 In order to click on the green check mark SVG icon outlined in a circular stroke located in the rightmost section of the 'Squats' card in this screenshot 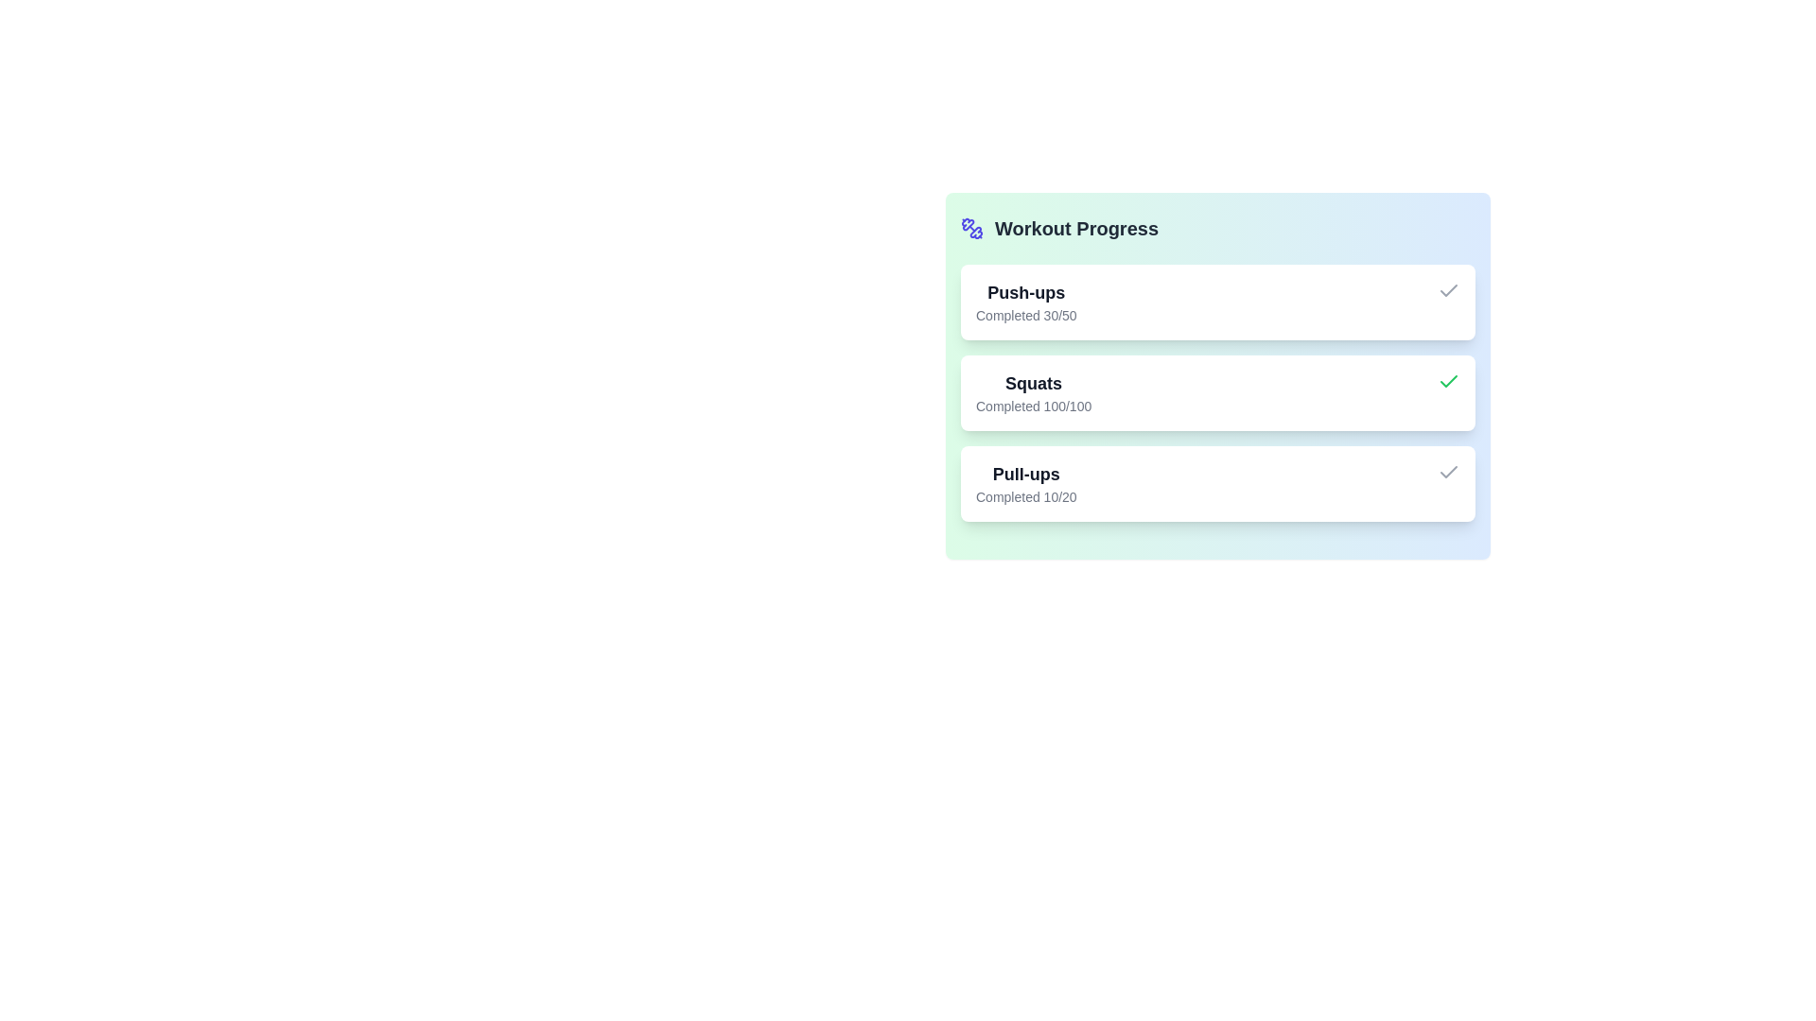, I will do `click(1447, 382)`.